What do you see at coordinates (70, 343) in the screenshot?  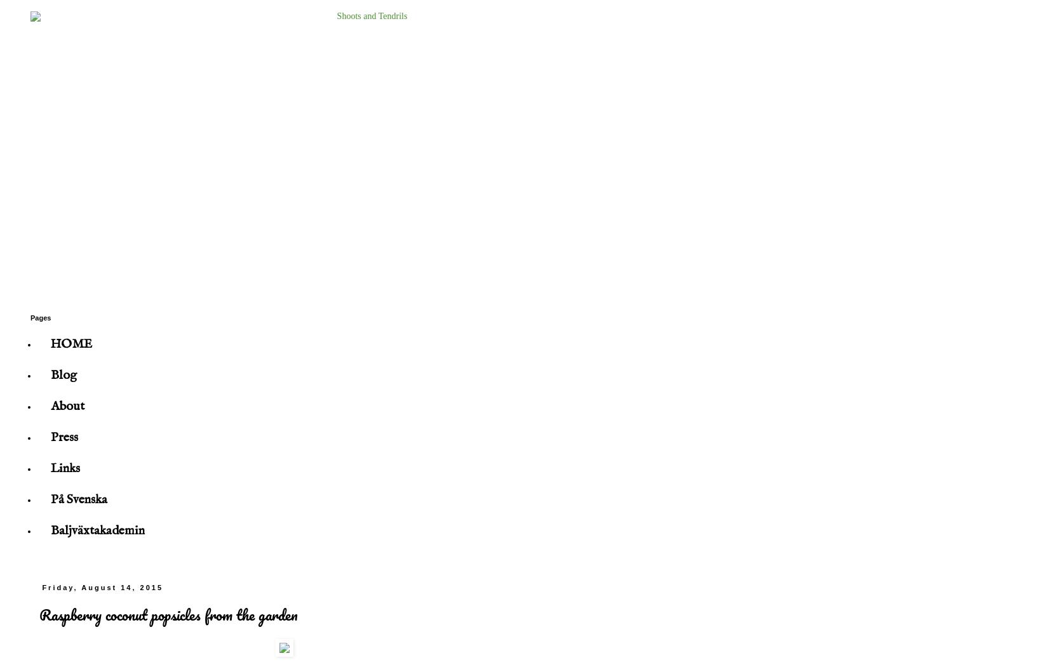 I see `'HOME'` at bounding box center [70, 343].